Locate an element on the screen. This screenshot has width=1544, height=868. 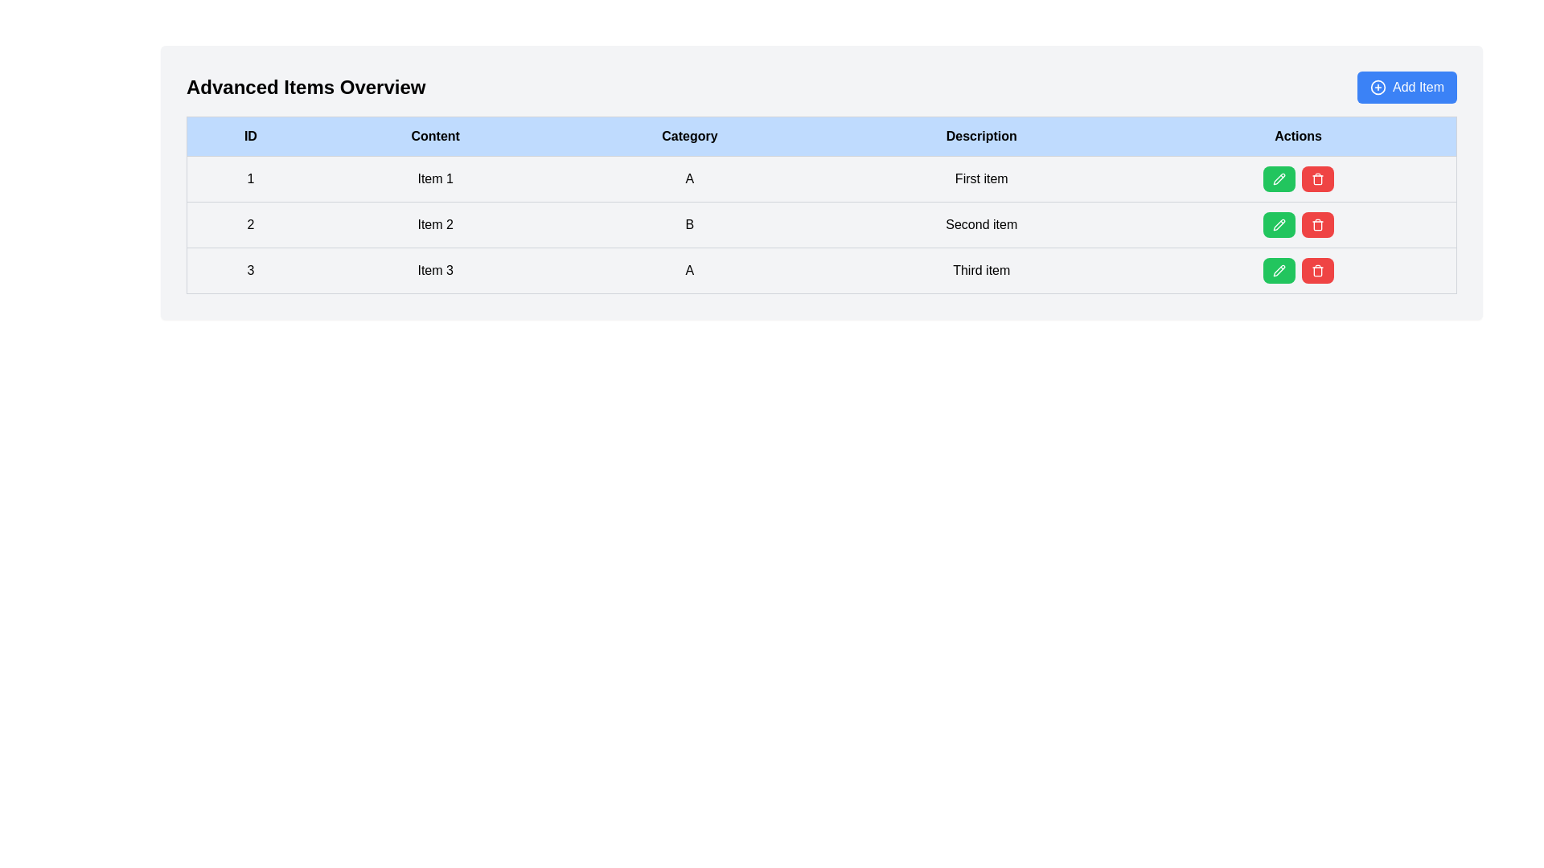
the button located in the top-right corner of the 'Advanced Items Overview' section is located at coordinates (1406, 87).